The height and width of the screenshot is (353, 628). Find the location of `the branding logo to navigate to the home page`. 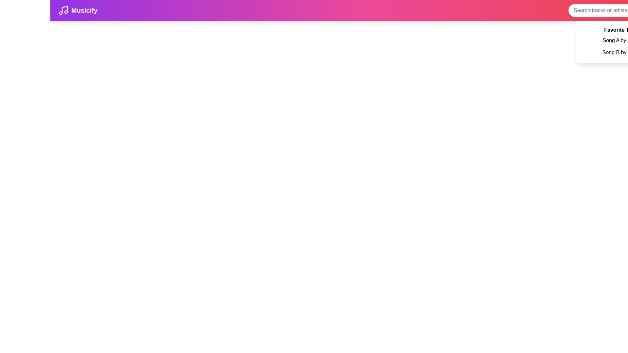

the branding logo to navigate to the home page is located at coordinates (63, 10).